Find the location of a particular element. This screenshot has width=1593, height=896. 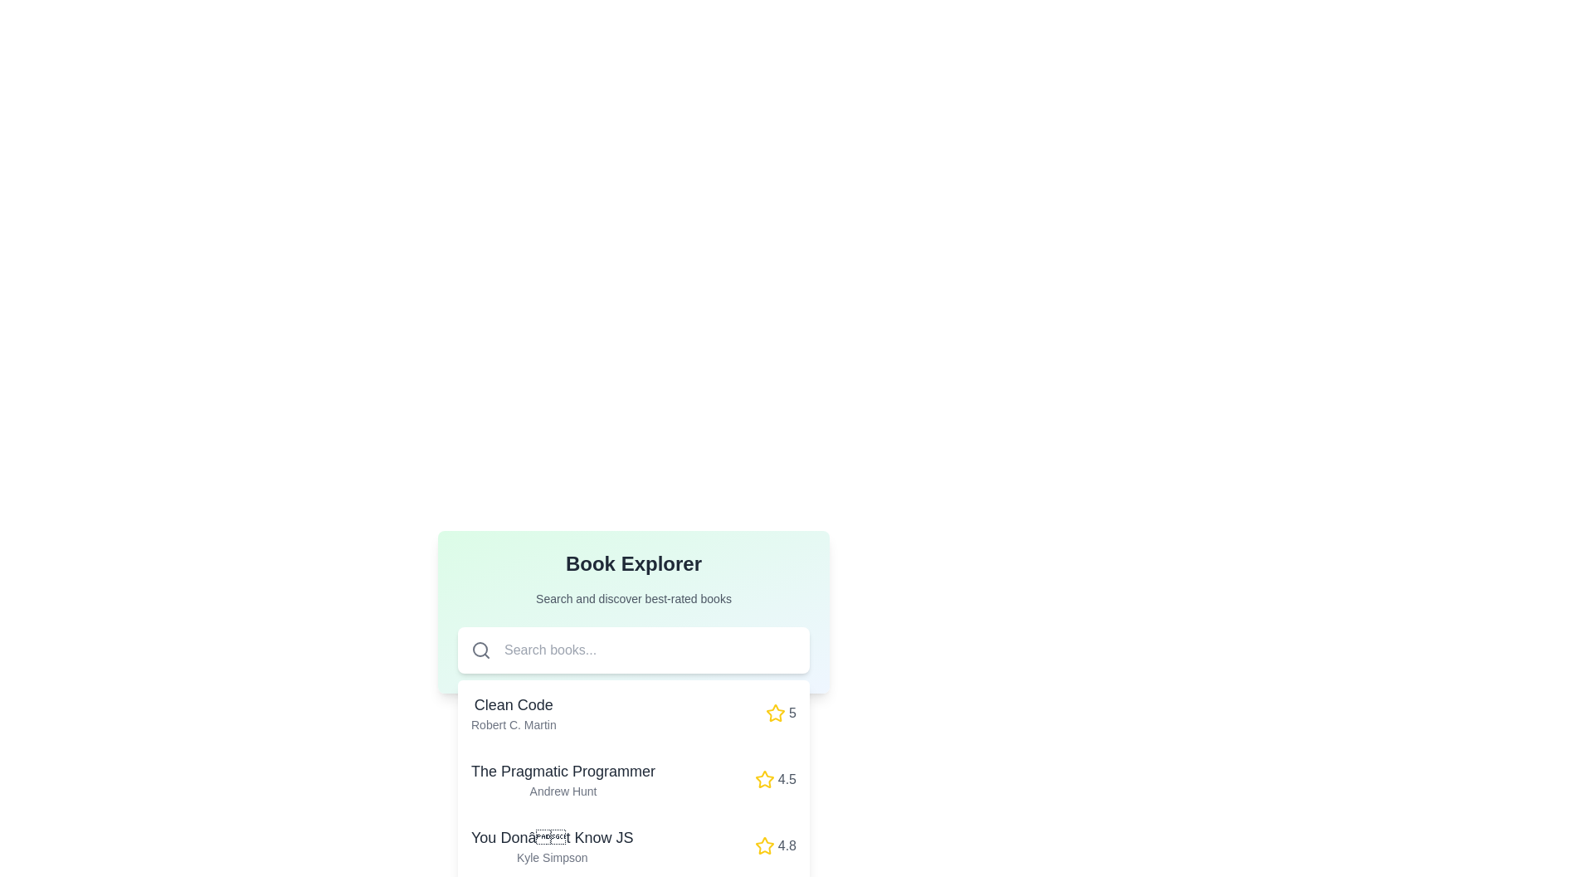

'Clean Code' title and 'Robert C. Martin' author text displayed in the first book entry of the 'Book Explorer' section is located at coordinates (513, 713).